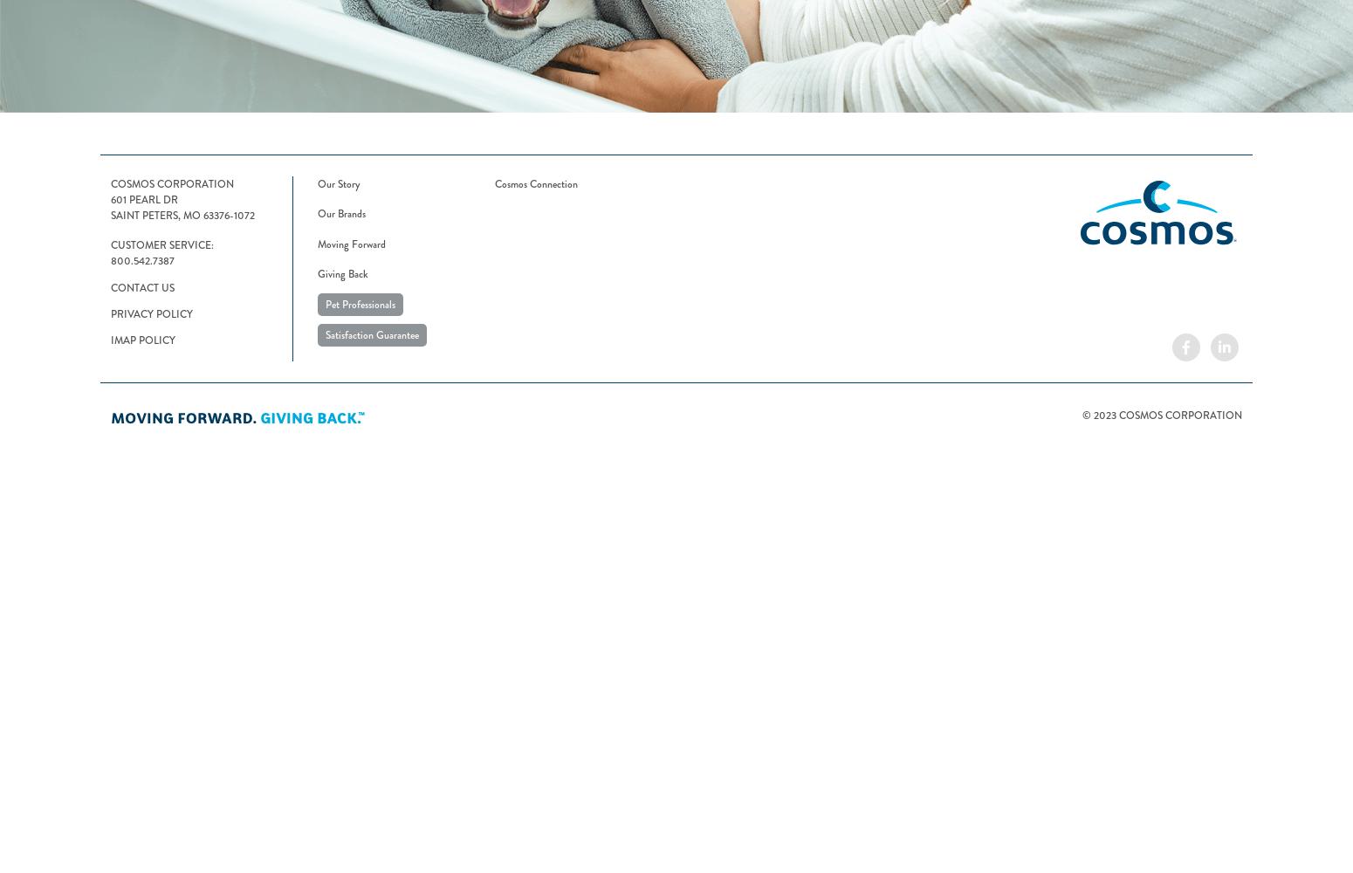 This screenshot has height=873, width=1353. I want to click on 'Contact Us', so click(110, 286).